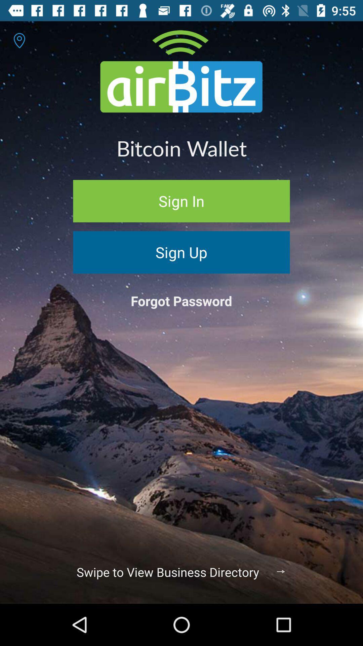 This screenshot has height=646, width=363. I want to click on the item below bitcoin wallet item, so click(182, 201).